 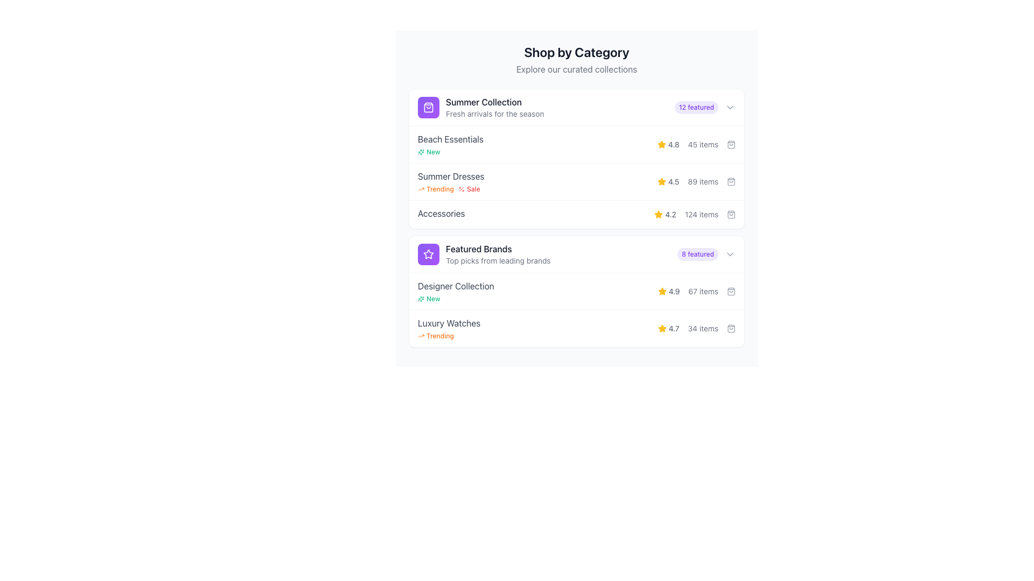 I want to click on the 'Summer Dresses' category button, which shows indicators for 'Trending' and 'Sale', along with a rating of '4.5' and '89 items' count, so click(x=576, y=176).